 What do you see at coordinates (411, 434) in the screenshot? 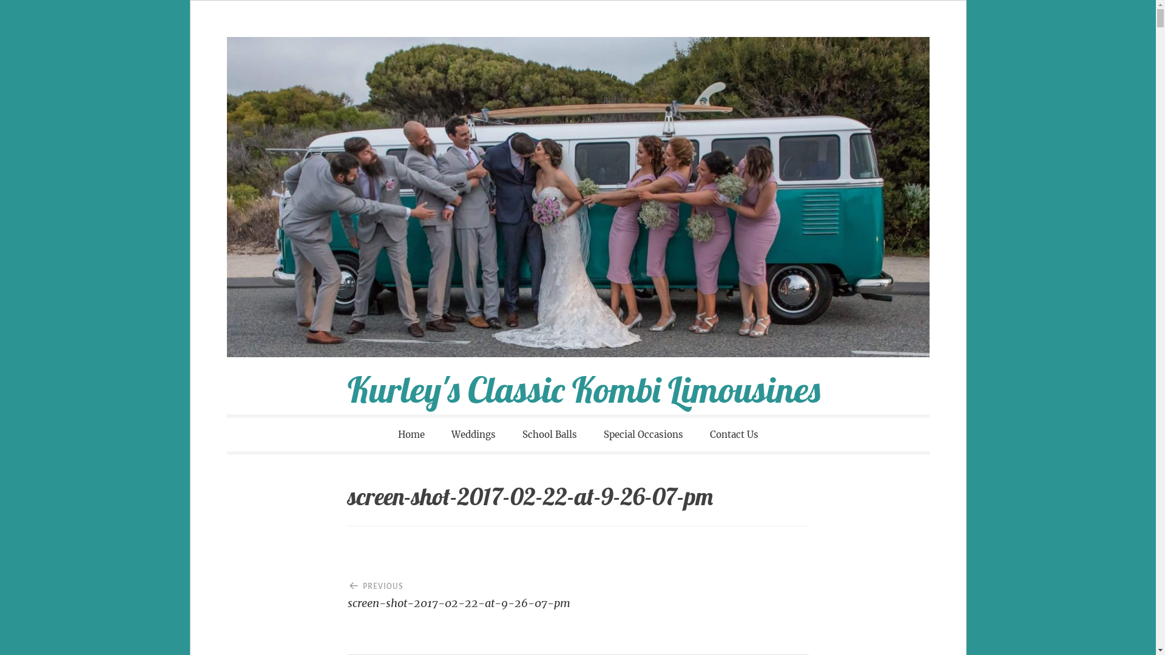
I see `'Home'` at bounding box center [411, 434].